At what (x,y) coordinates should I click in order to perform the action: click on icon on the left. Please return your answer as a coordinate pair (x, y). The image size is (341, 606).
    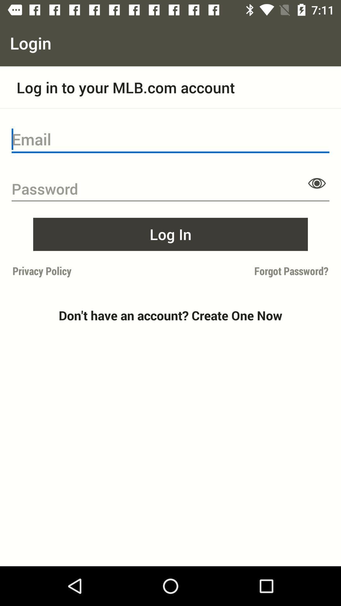
    Looking at the image, I should click on (89, 271).